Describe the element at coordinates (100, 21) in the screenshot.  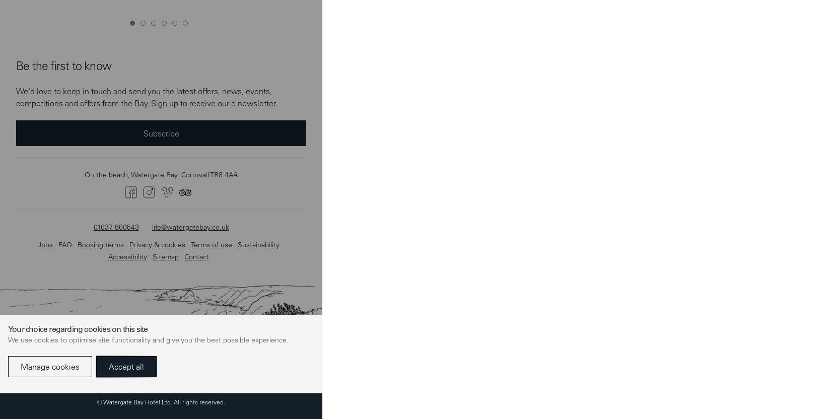
I see `'Booking terms'` at that location.